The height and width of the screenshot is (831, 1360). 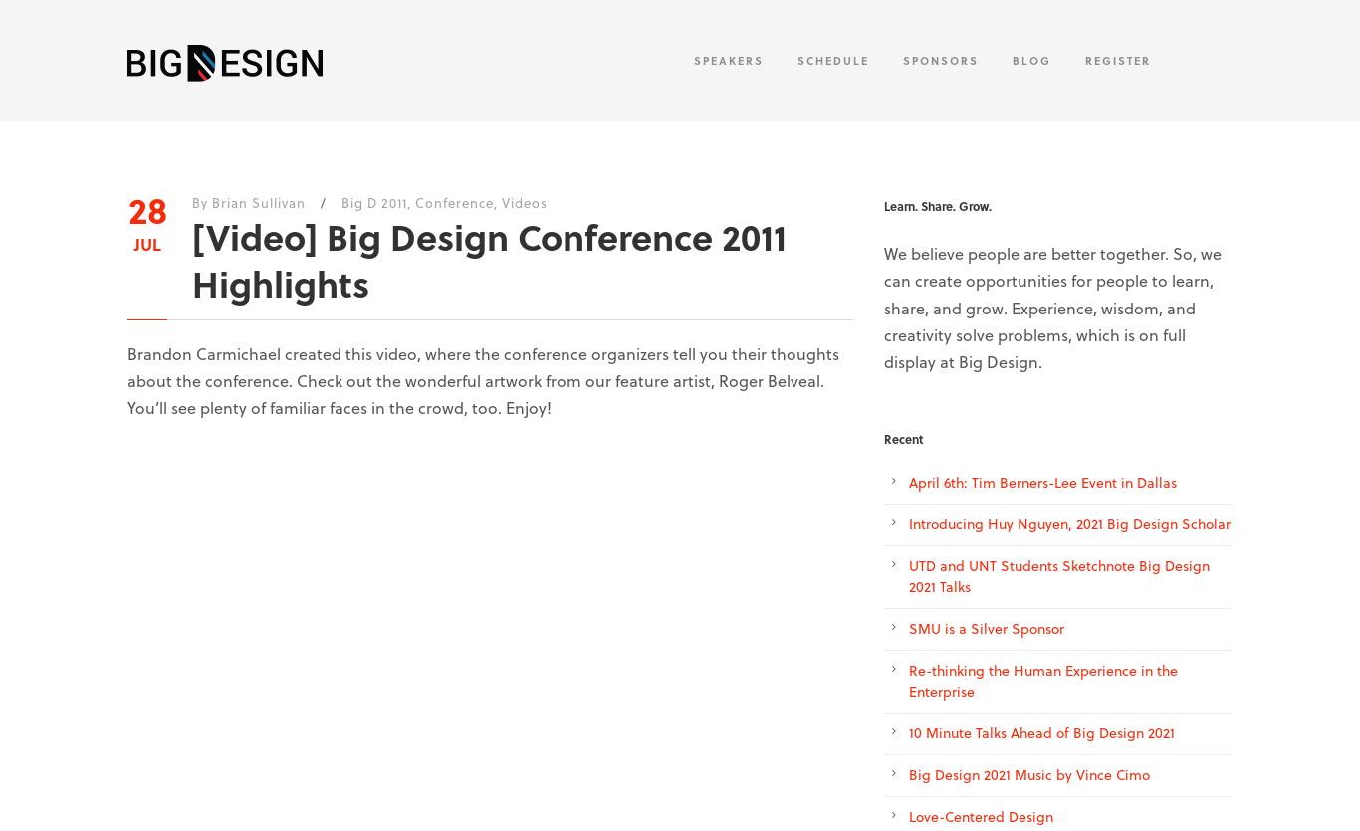 I want to click on 'Re-thinking the Human Experience in the Enterprise', so click(x=1041, y=681).